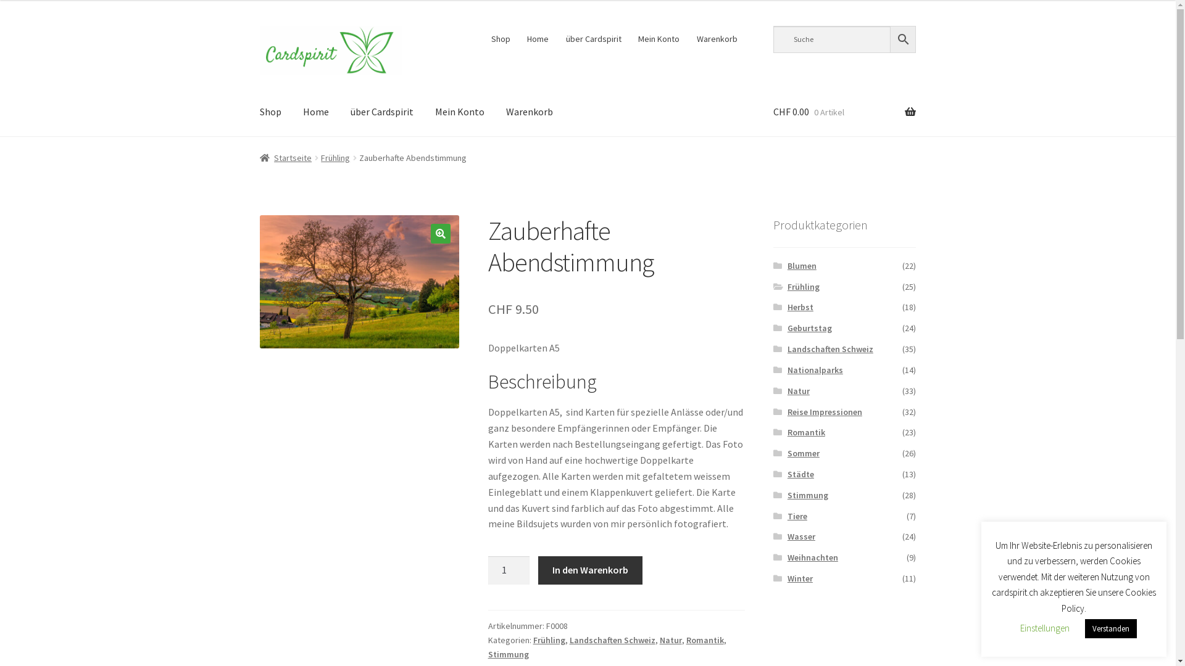 The image size is (1185, 666). Describe the element at coordinates (797, 516) in the screenshot. I see `'Tiere'` at that location.